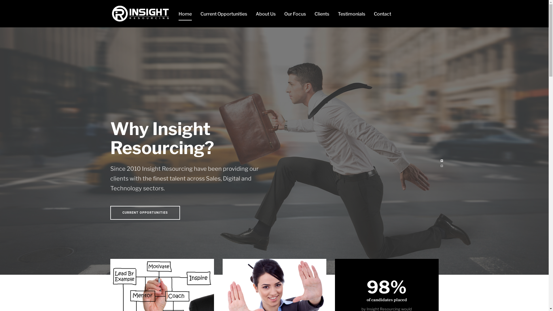  What do you see at coordinates (224, 13) in the screenshot?
I see `'Current Opportunities'` at bounding box center [224, 13].